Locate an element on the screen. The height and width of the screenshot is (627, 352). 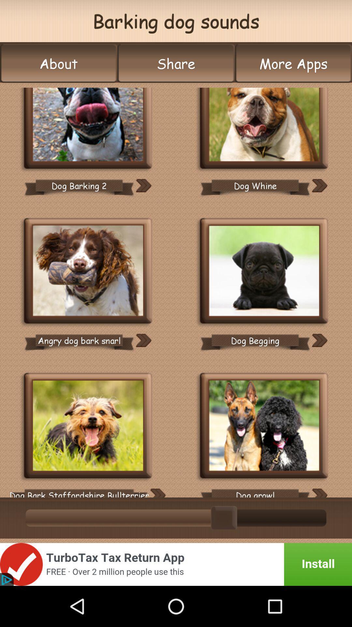
the next is located at coordinates (319, 185).